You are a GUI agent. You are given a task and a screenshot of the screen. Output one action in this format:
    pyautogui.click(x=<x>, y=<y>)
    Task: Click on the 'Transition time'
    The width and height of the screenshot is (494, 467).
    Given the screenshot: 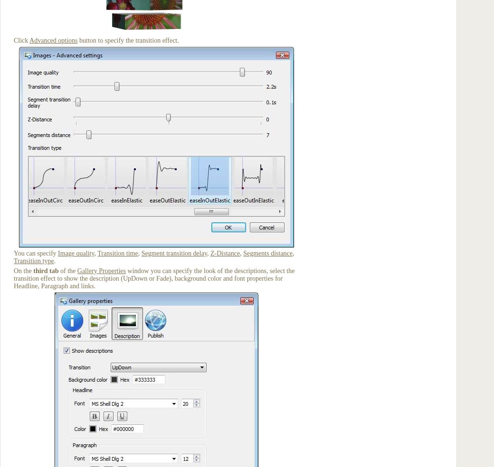 What is the action you would take?
    pyautogui.click(x=117, y=253)
    